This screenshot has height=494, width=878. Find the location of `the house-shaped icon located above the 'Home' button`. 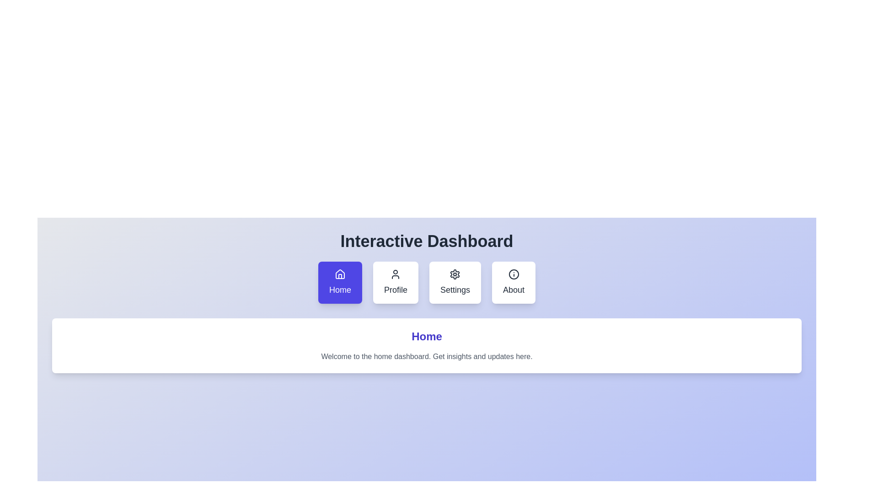

the house-shaped icon located above the 'Home' button is located at coordinates (340, 274).